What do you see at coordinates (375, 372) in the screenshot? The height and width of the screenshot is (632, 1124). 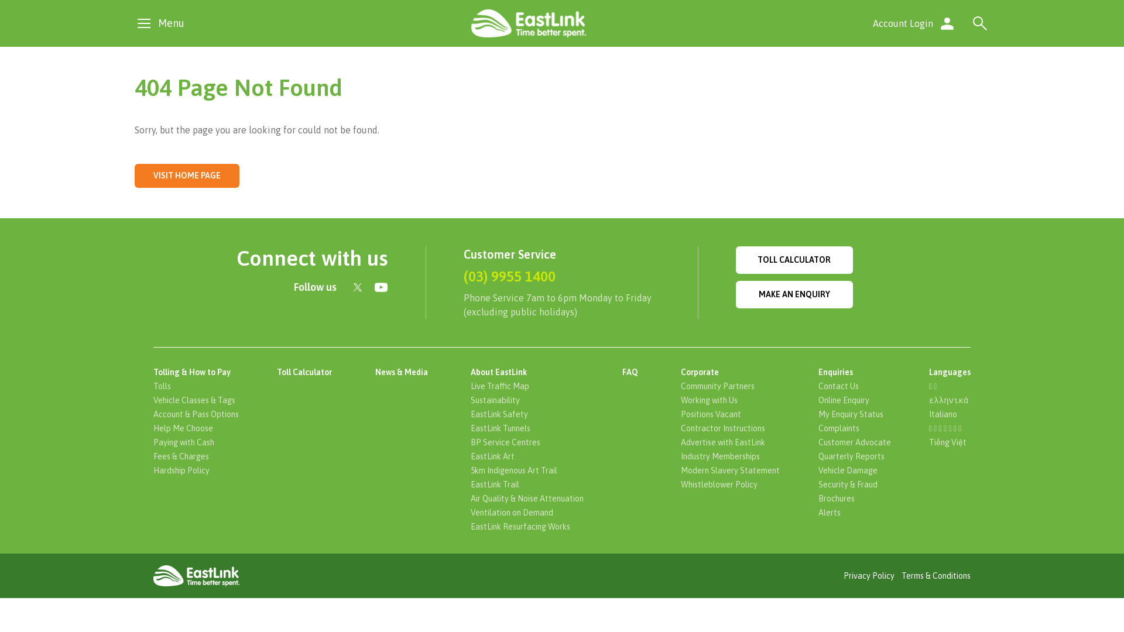 I see `'News & Media'` at bounding box center [375, 372].